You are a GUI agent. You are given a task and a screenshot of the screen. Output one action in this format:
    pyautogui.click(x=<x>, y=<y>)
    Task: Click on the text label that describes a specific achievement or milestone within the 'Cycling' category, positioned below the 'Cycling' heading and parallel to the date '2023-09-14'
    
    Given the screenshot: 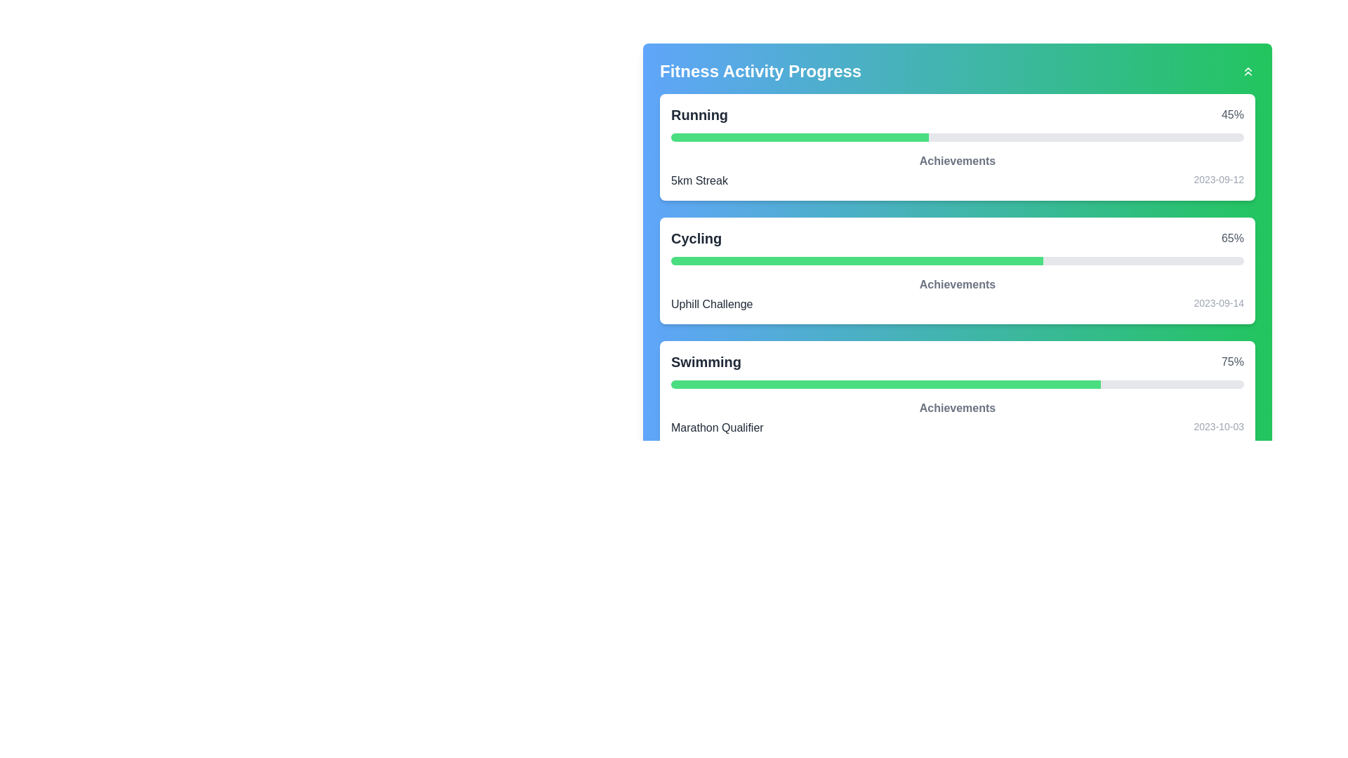 What is the action you would take?
    pyautogui.click(x=712, y=304)
    